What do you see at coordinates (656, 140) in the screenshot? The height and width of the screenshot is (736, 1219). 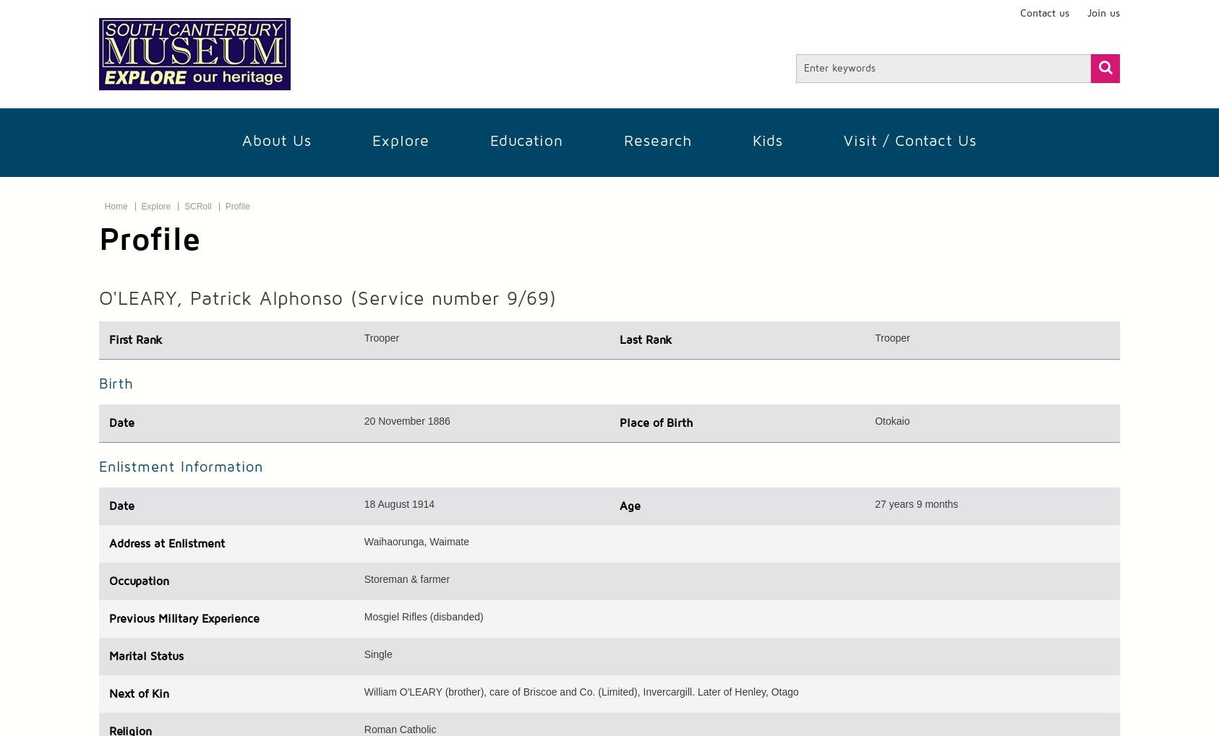 I see `'Research'` at bounding box center [656, 140].